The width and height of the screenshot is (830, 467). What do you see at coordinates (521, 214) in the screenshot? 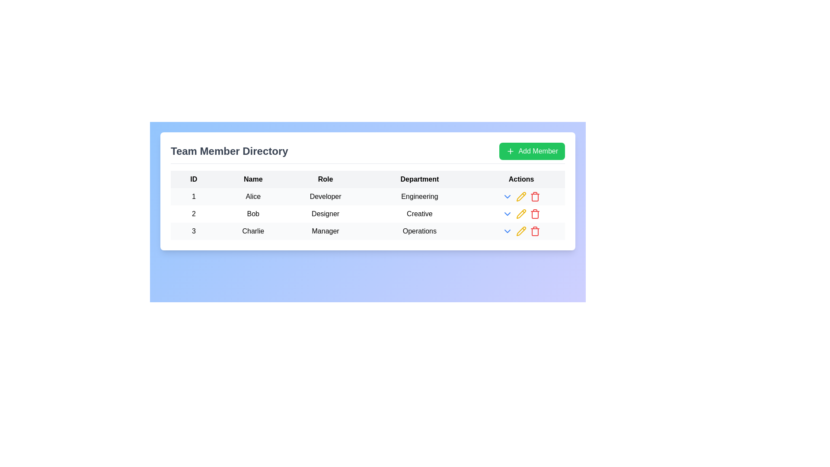
I see `the pencil icon in the 'Actions' column of the table for the entry labeled 'Bob' to initiate editing` at bounding box center [521, 214].